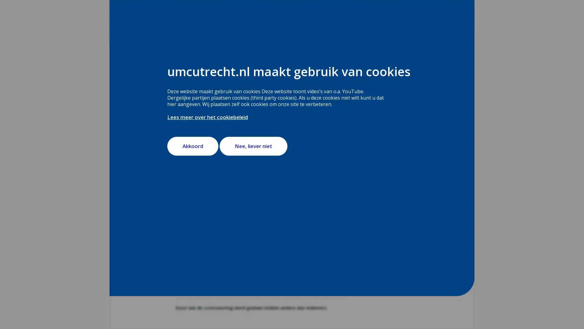  I want to click on ReadSpeaker webReader: Luister met webReader, so click(202, 113).